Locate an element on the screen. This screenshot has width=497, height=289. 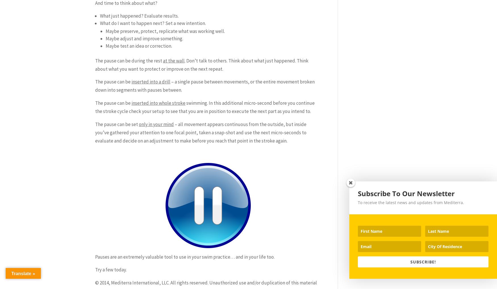
'Contact' is located at coordinates (248, 60).